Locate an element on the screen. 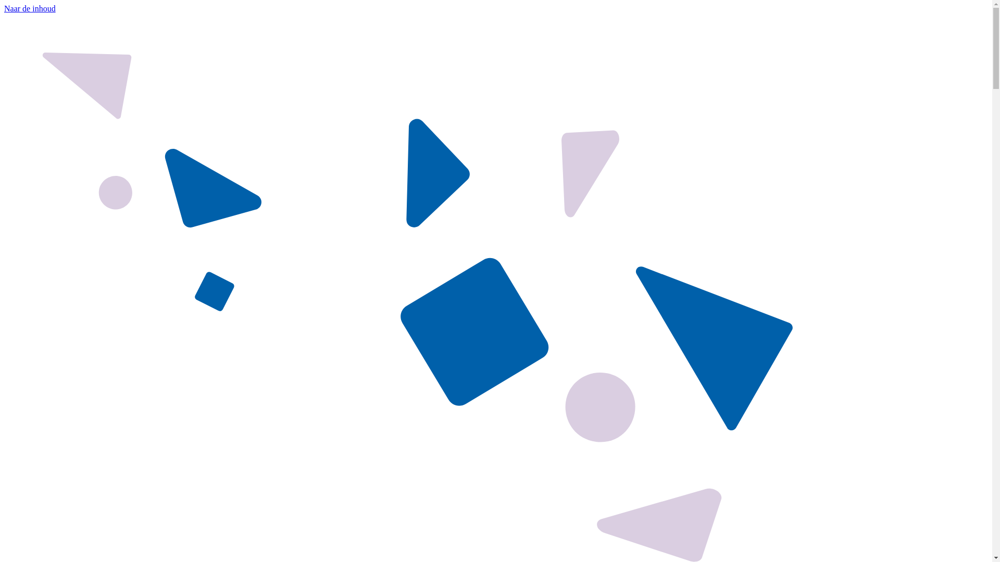 The height and width of the screenshot is (562, 1000). 'Naar de inhoud' is located at coordinates (4, 8).